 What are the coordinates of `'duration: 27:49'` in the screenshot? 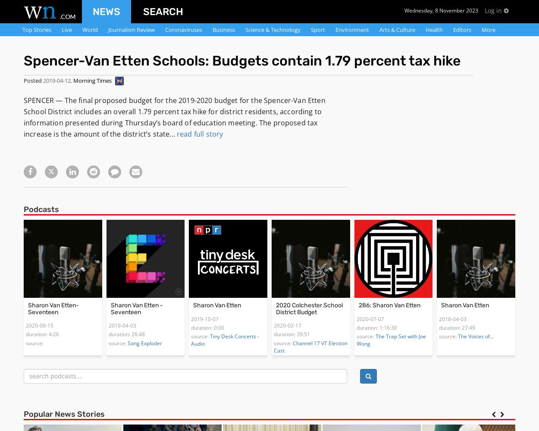 It's located at (457, 328).